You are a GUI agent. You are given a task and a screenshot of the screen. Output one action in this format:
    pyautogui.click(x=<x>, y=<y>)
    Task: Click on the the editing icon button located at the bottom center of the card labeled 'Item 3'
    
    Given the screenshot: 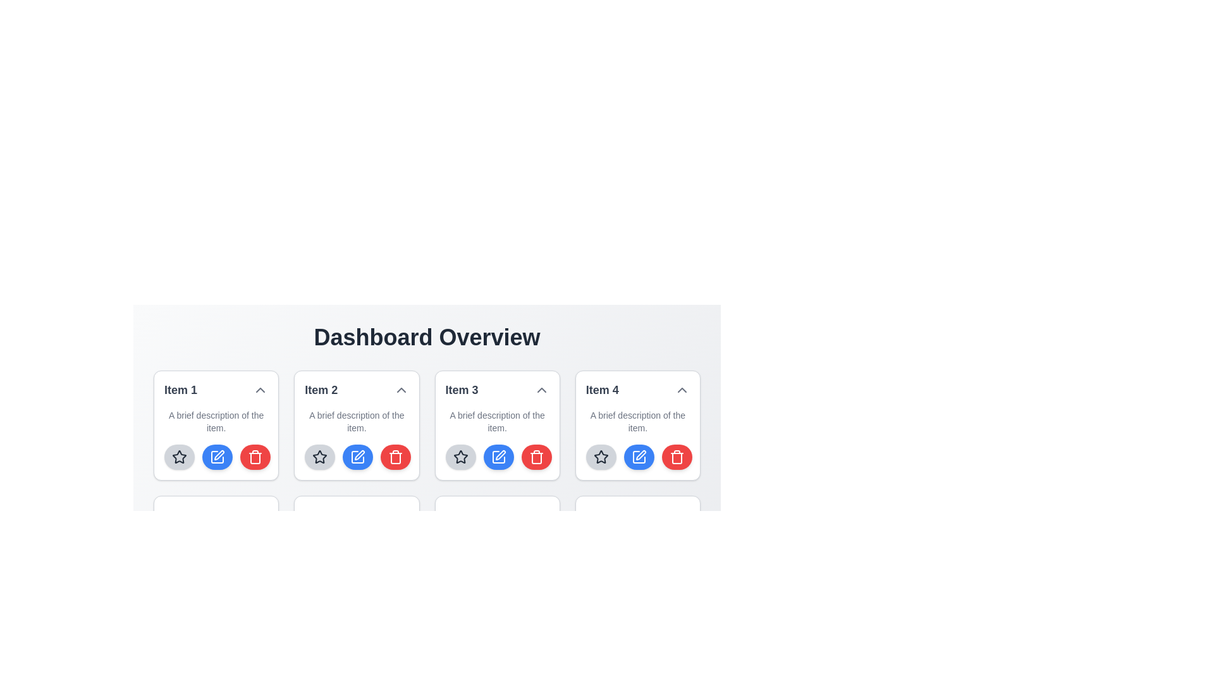 What is the action you would take?
    pyautogui.click(x=498, y=457)
    